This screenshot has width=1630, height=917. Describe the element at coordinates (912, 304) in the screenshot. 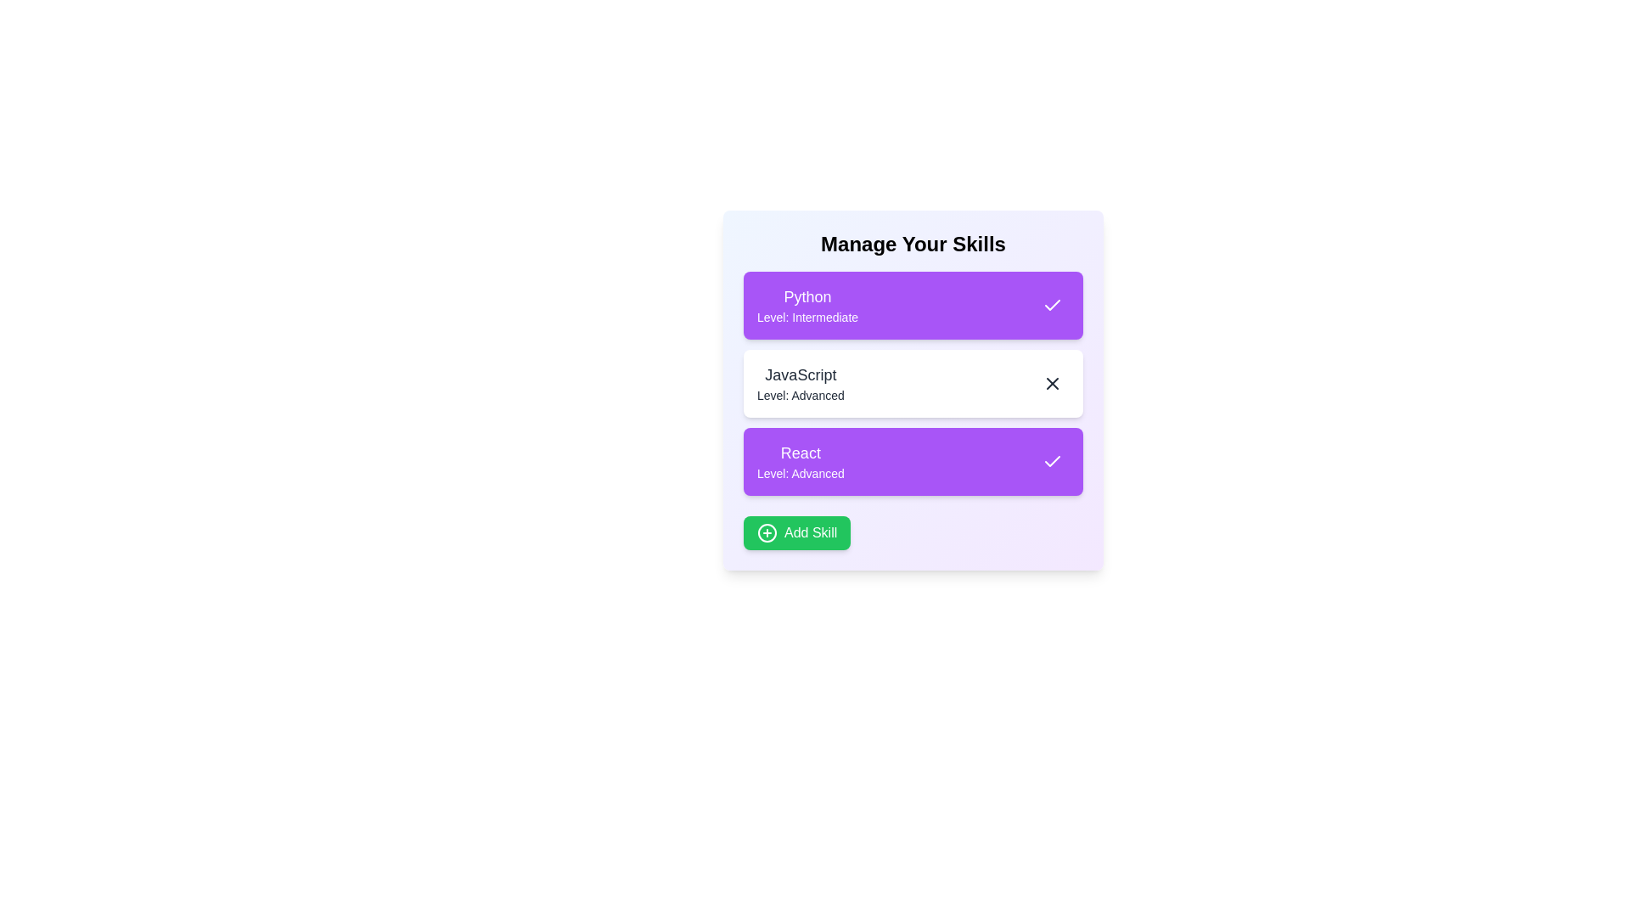

I see `the skill item Python to observe its hover effect` at that location.